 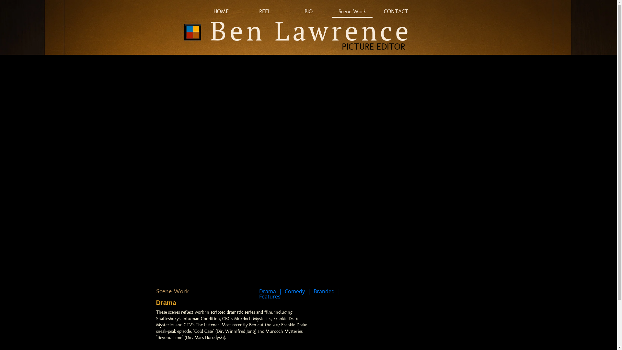 What do you see at coordinates (265, 12) in the screenshot?
I see `'REEL'` at bounding box center [265, 12].